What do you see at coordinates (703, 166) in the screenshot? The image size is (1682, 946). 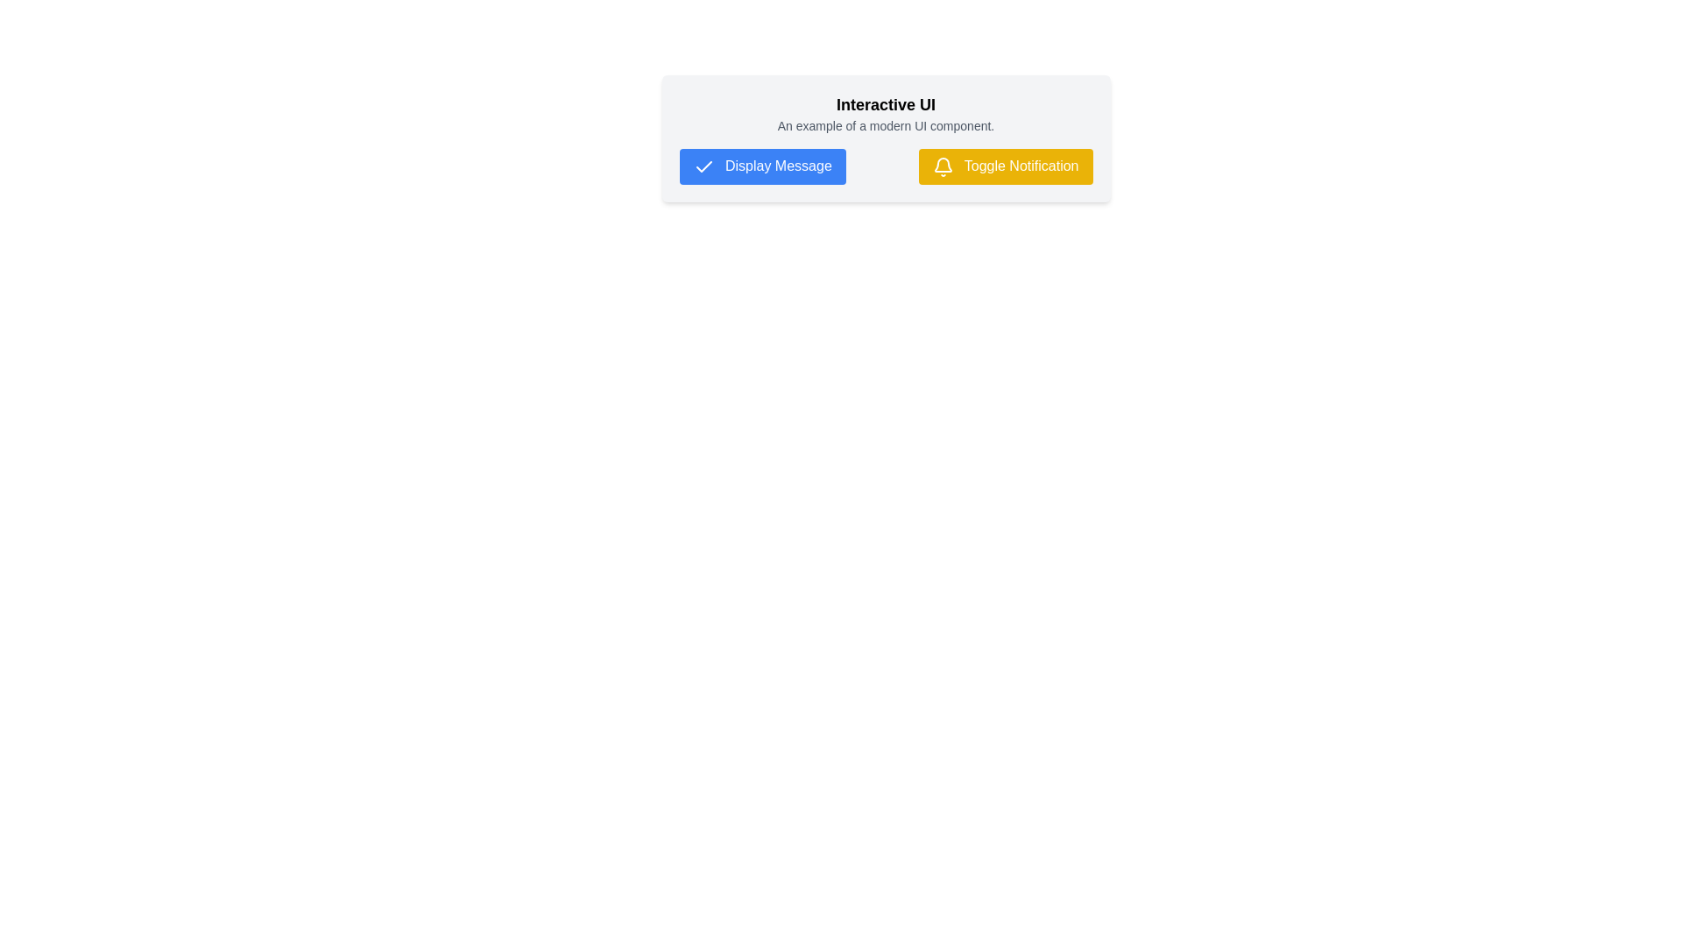 I see `the confirmation icon located within the 'Display Message' button, which is the first button on the interface, centered and aligned horizontally near its text content` at bounding box center [703, 166].